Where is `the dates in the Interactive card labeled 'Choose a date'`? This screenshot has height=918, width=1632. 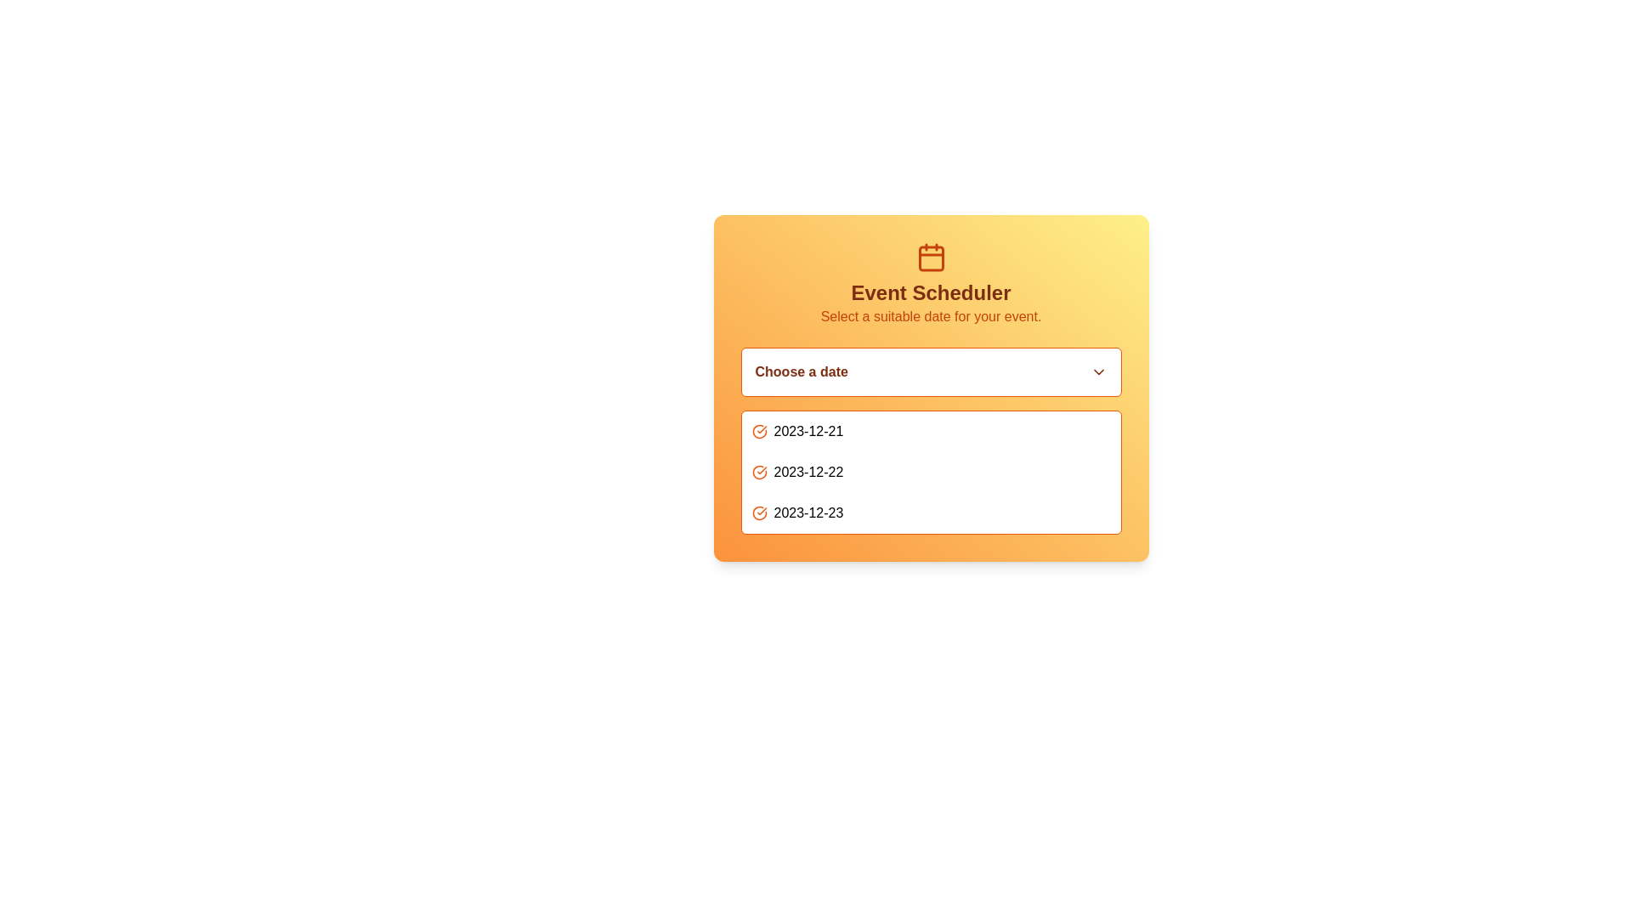 the dates in the Interactive card labeled 'Choose a date' is located at coordinates (930, 388).